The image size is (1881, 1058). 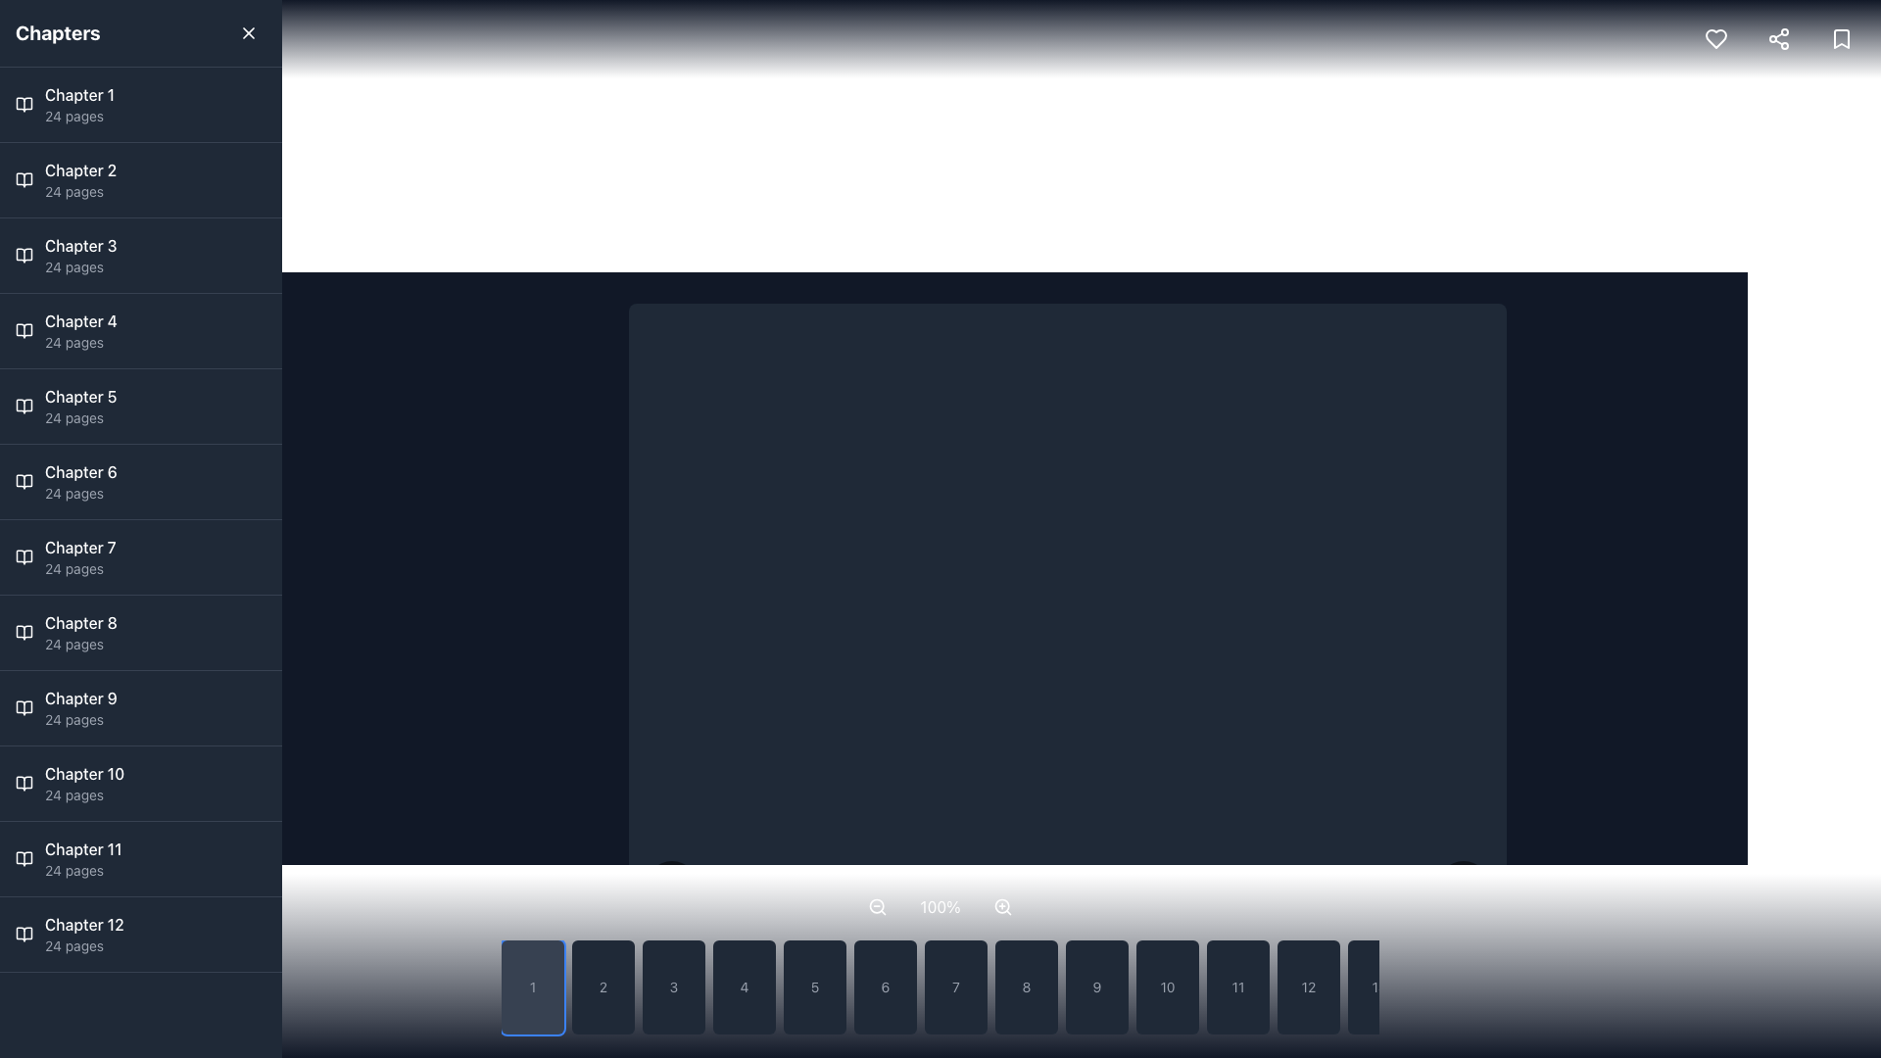 I want to click on the small circular button with a dark background and a white 'X' icon located in the top-right corner of the 'Chapters' header section, so click(x=248, y=33).